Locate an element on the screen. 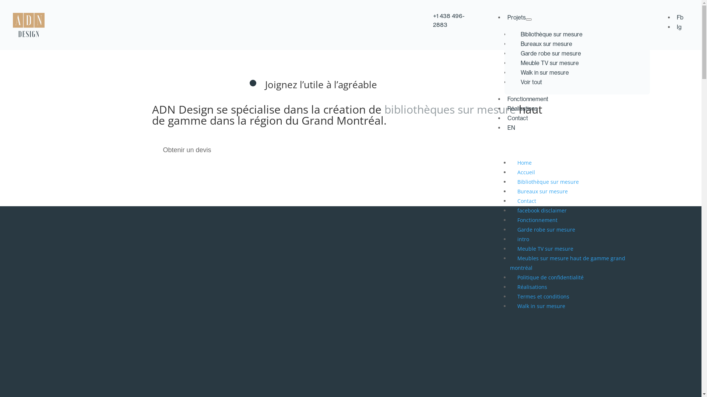 The image size is (707, 397). 'Home' is located at coordinates (524, 162).